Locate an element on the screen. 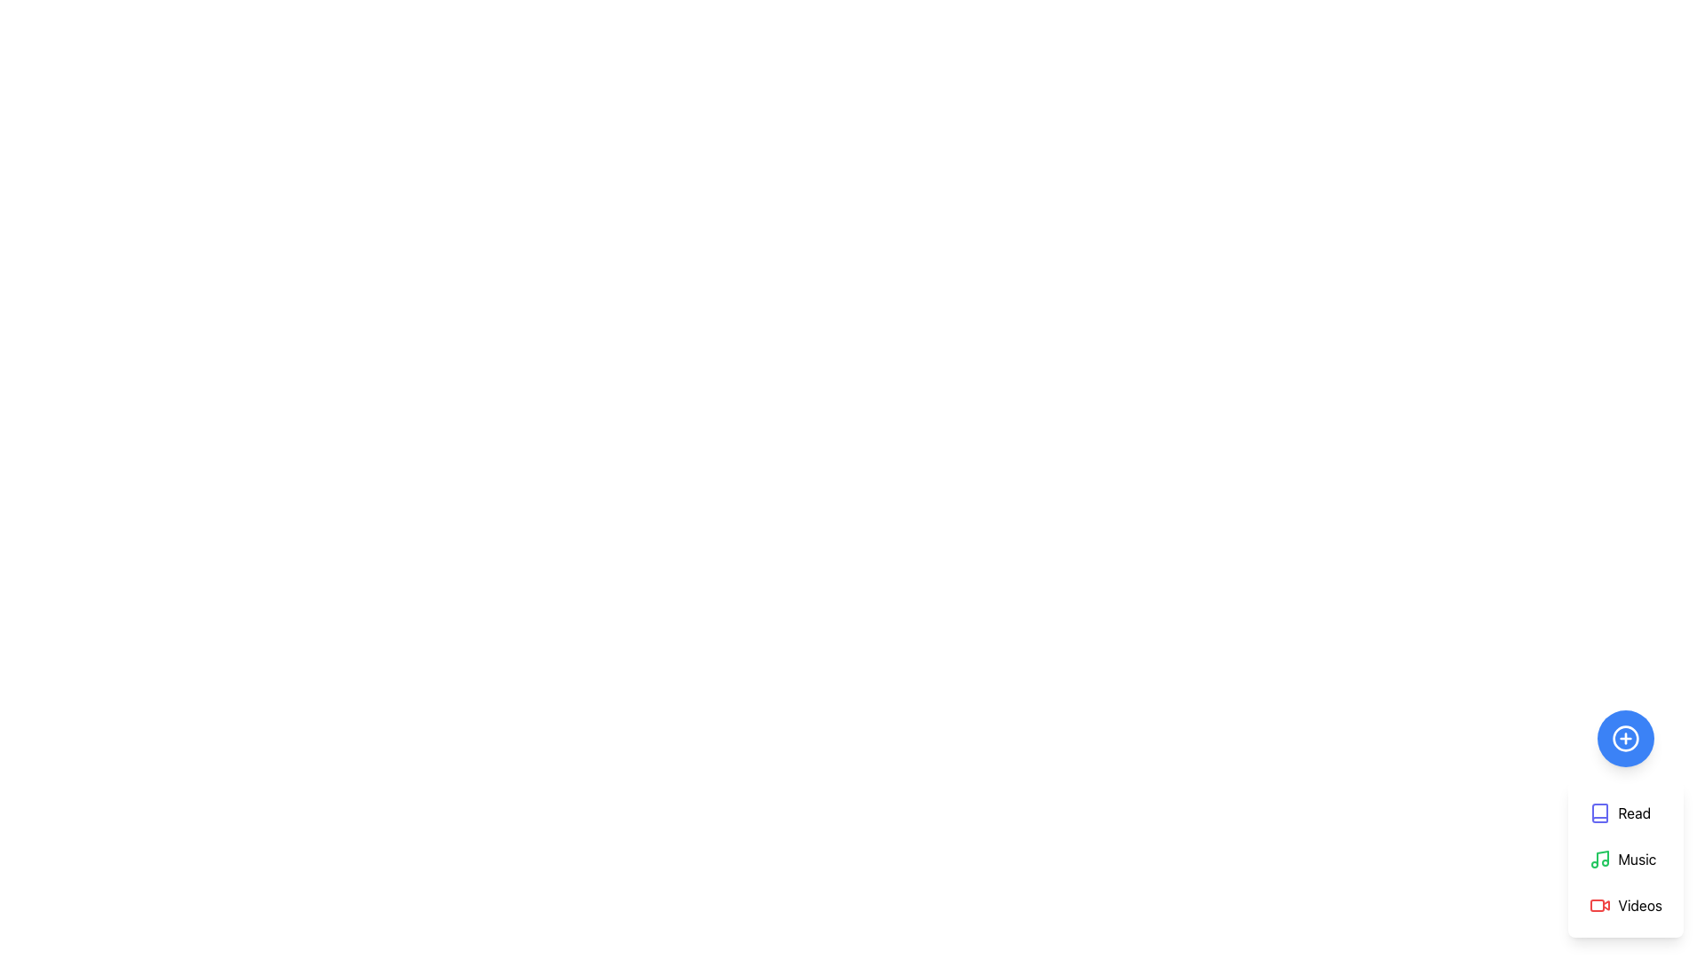 The height and width of the screenshot is (959, 1705). the 'Music' menu item icon, which is located to the left of the menu text 'Music', the second item in a vertical list between 'Read' and 'Videos' is located at coordinates (1600, 859).